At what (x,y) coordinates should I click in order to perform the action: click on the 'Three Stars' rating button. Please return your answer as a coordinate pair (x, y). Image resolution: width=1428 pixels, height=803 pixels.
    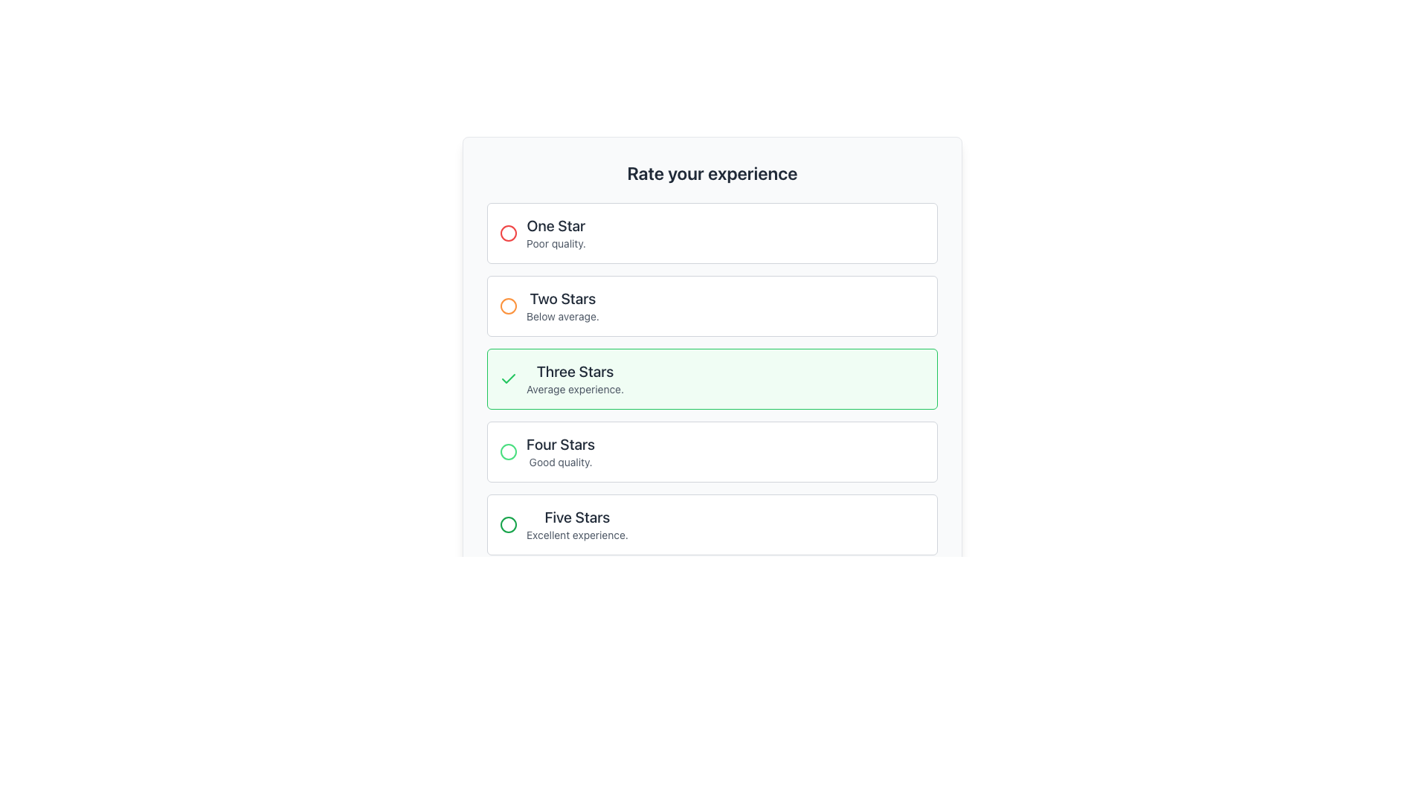
    Looking at the image, I should click on (712, 378).